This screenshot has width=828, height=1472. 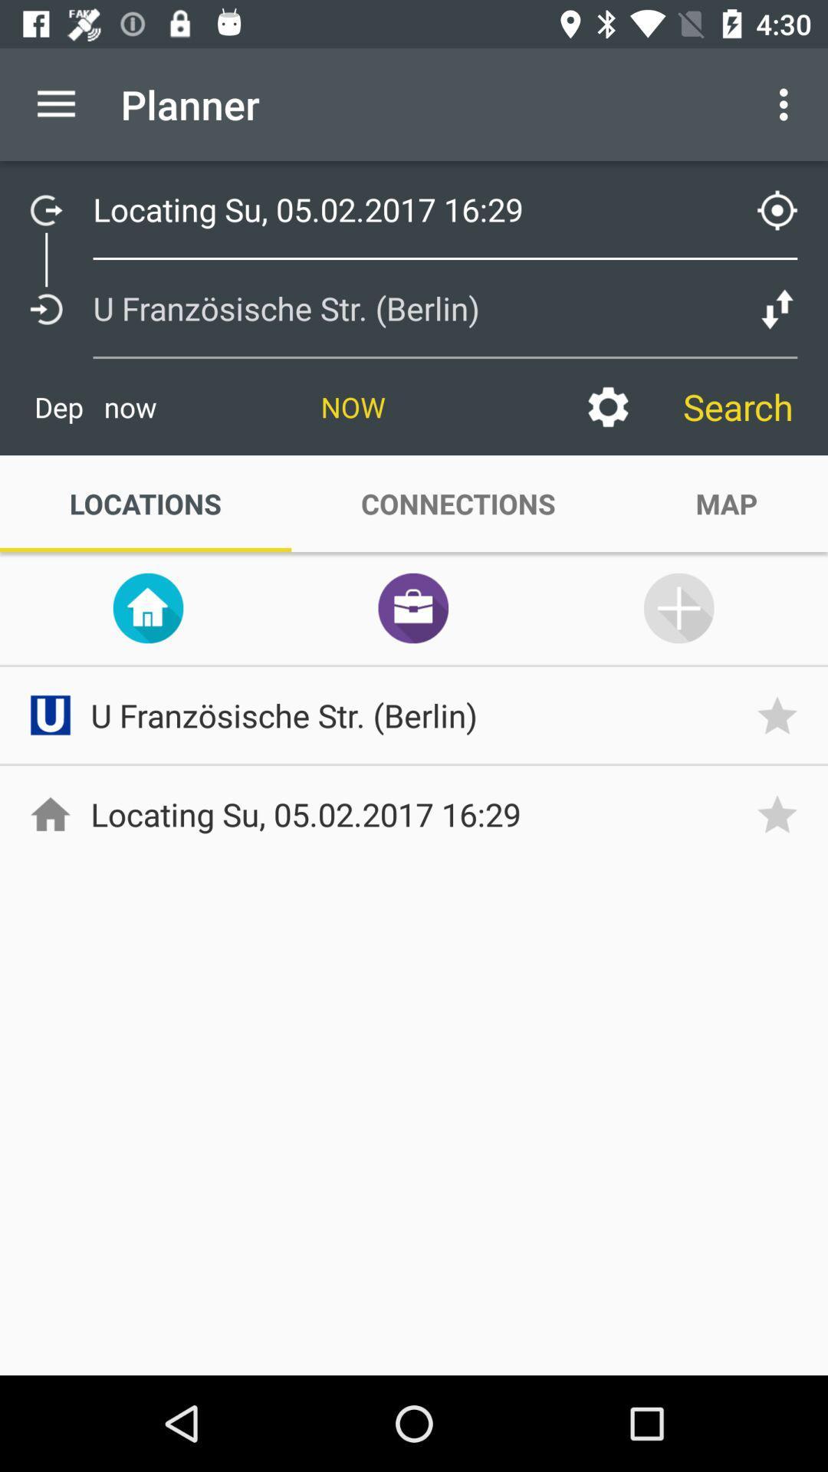 What do you see at coordinates (787, 200) in the screenshot?
I see `the location_crosshair icon` at bounding box center [787, 200].